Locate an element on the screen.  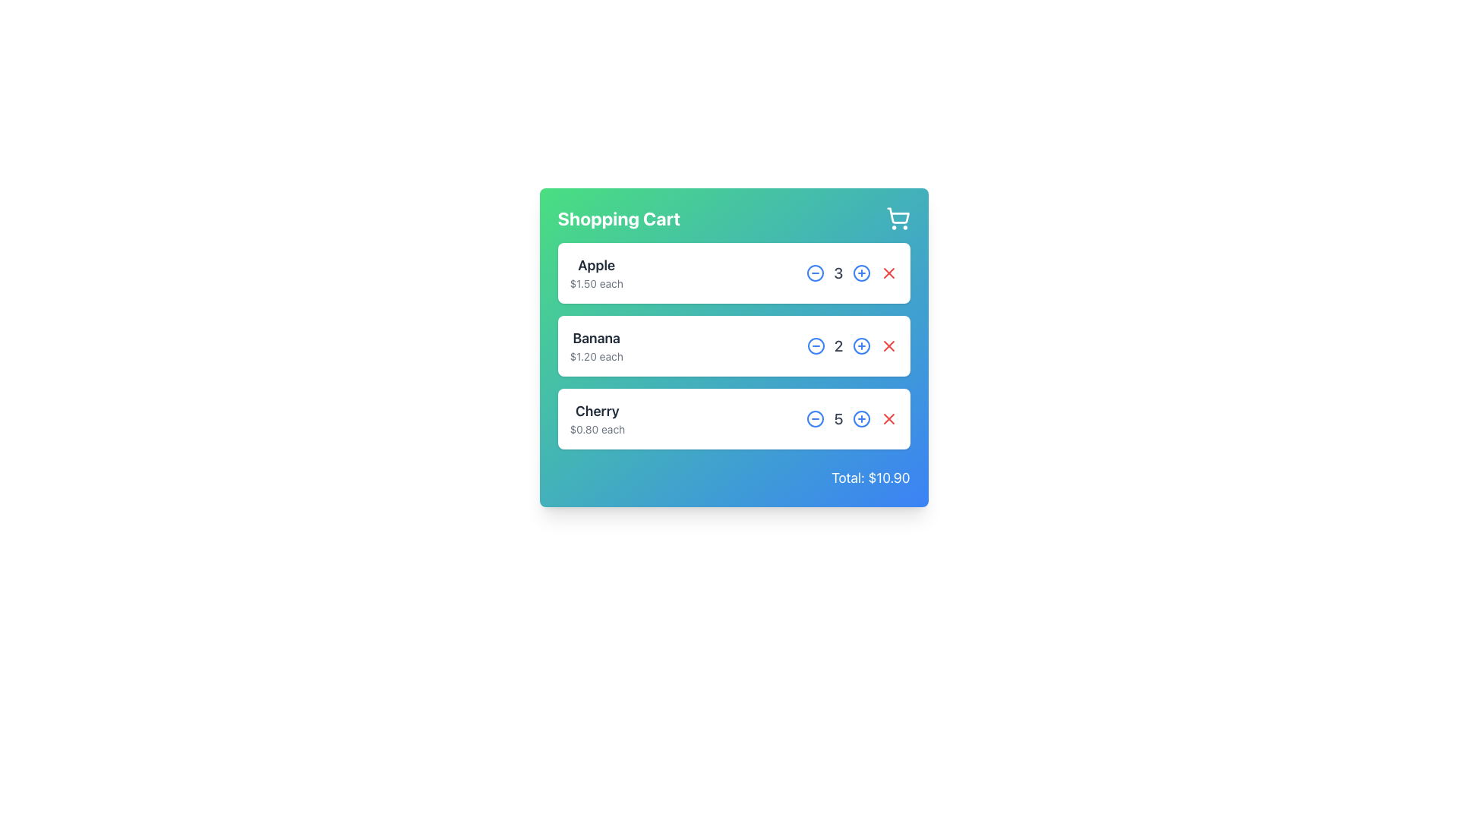
the increment button for the item 'Cherry' is located at coordinates (861, 418).